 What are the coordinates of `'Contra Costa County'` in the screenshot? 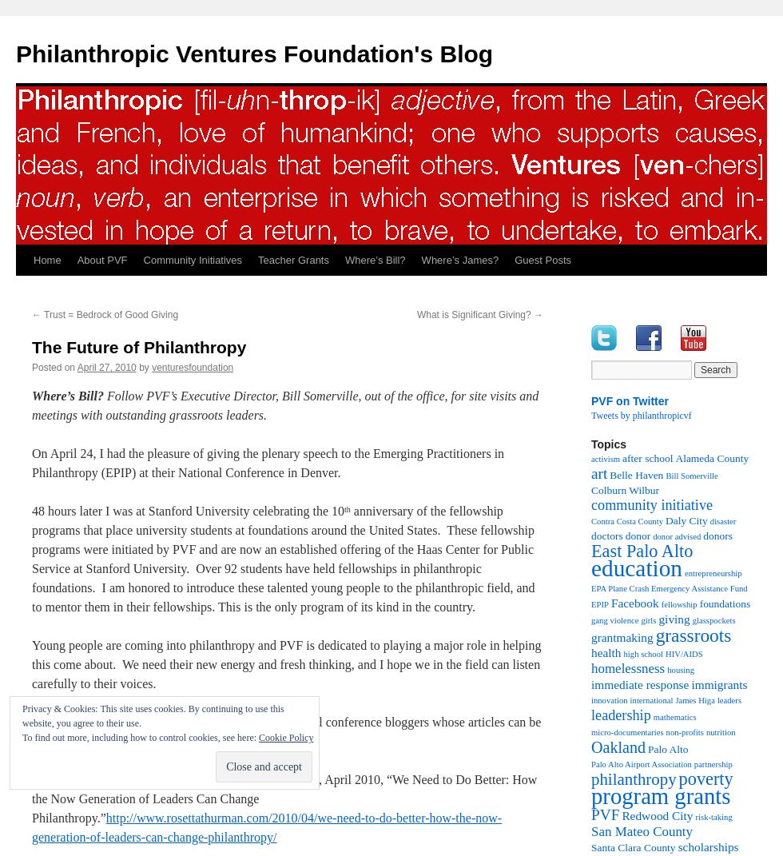 It's located at (626, 520).